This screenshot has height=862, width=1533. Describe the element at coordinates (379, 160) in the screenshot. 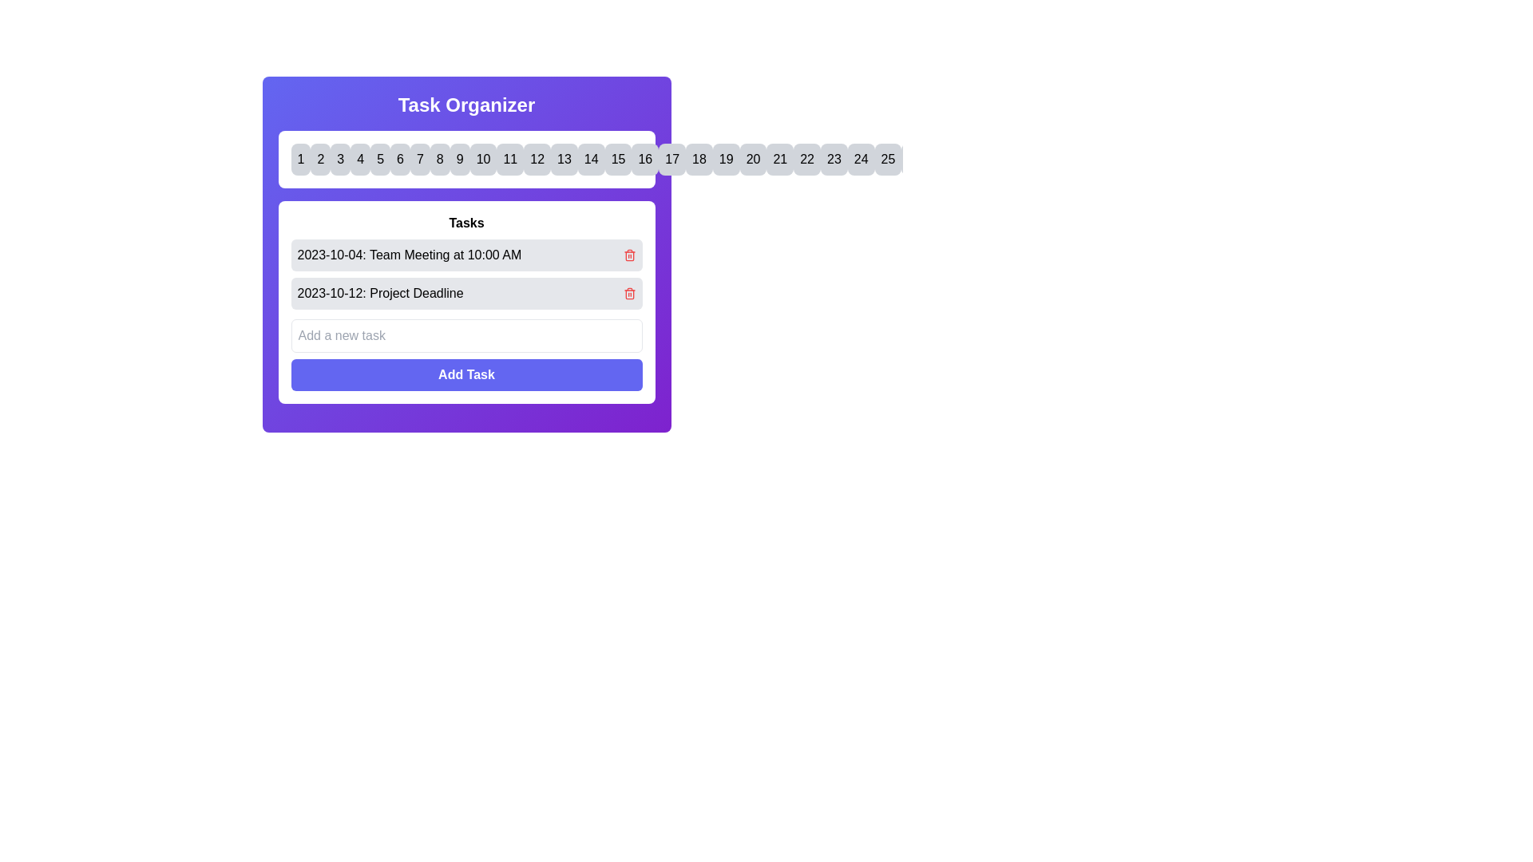

I see `the fifth day button in the calendar interface` at that location.